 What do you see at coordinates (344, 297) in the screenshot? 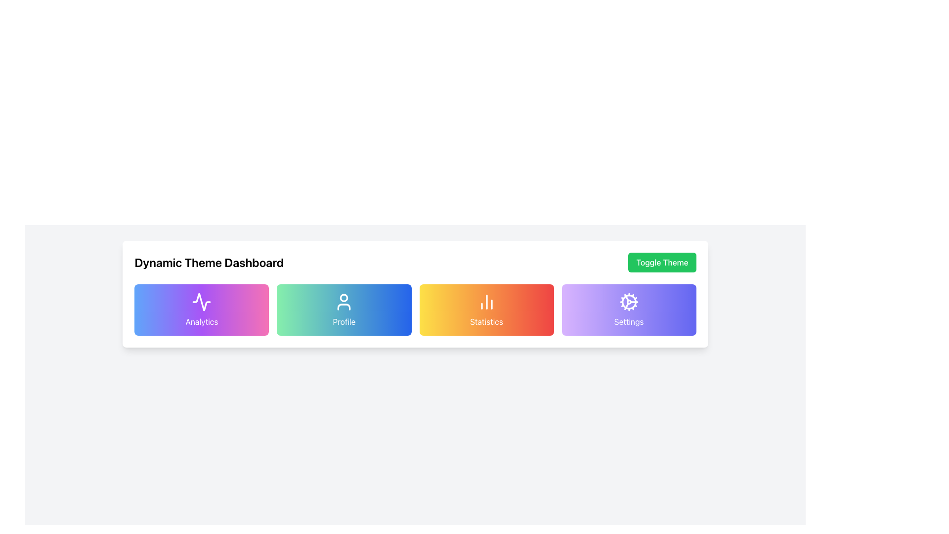
I see `the position of the small circular SVG element located at the top section of the 'Profile' icon` at bounding box center [344, 297].